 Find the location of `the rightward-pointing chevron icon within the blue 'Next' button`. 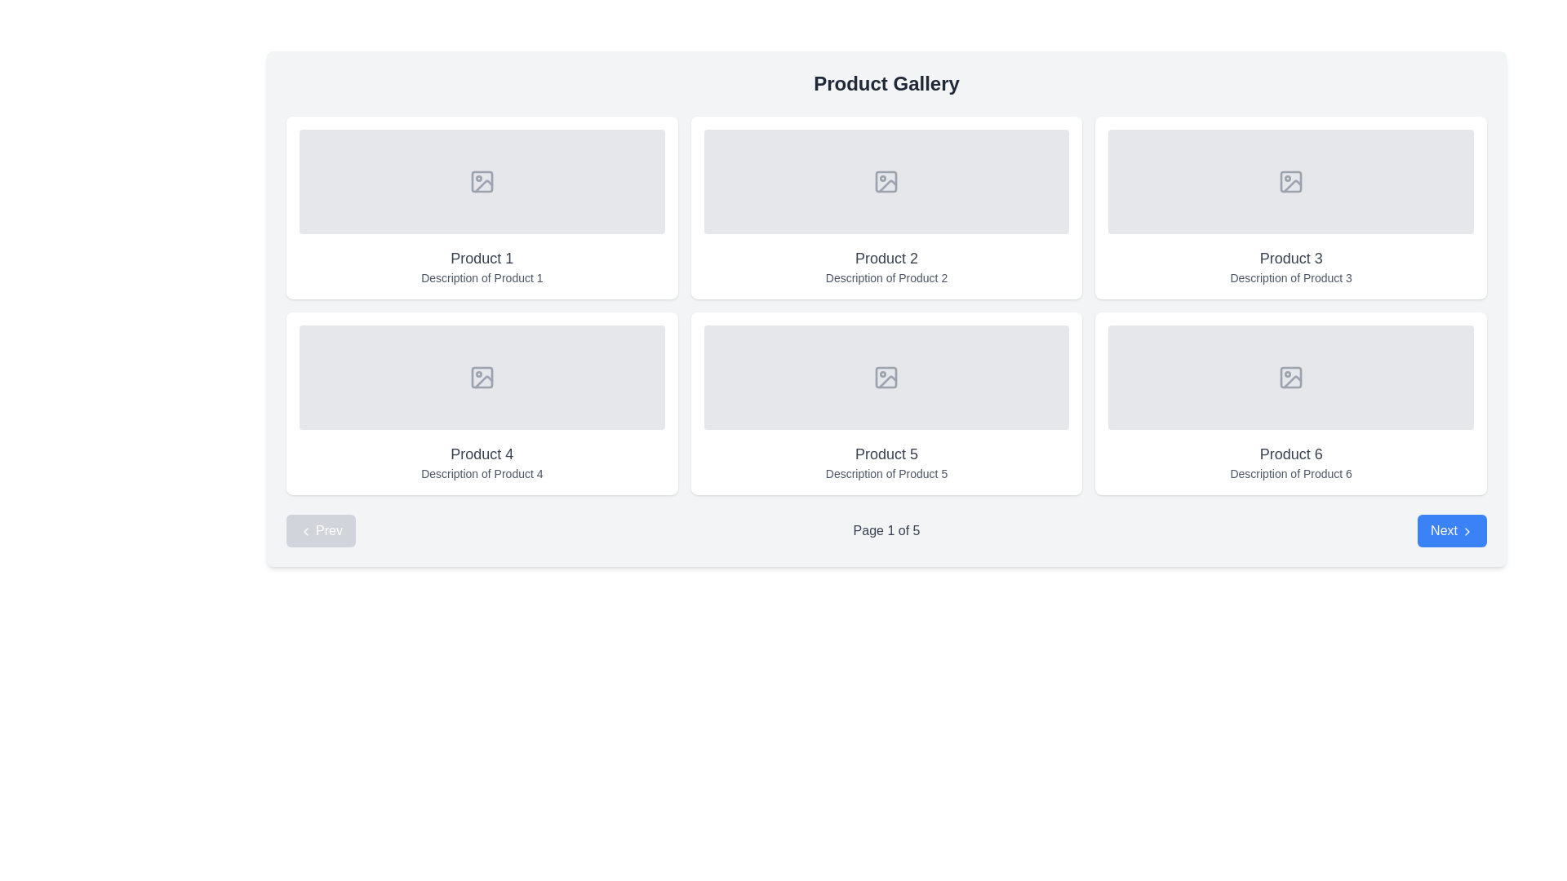

the rightward-pointing chevron icon within the blue 'Next' button is located at coordinates (1467, 531).